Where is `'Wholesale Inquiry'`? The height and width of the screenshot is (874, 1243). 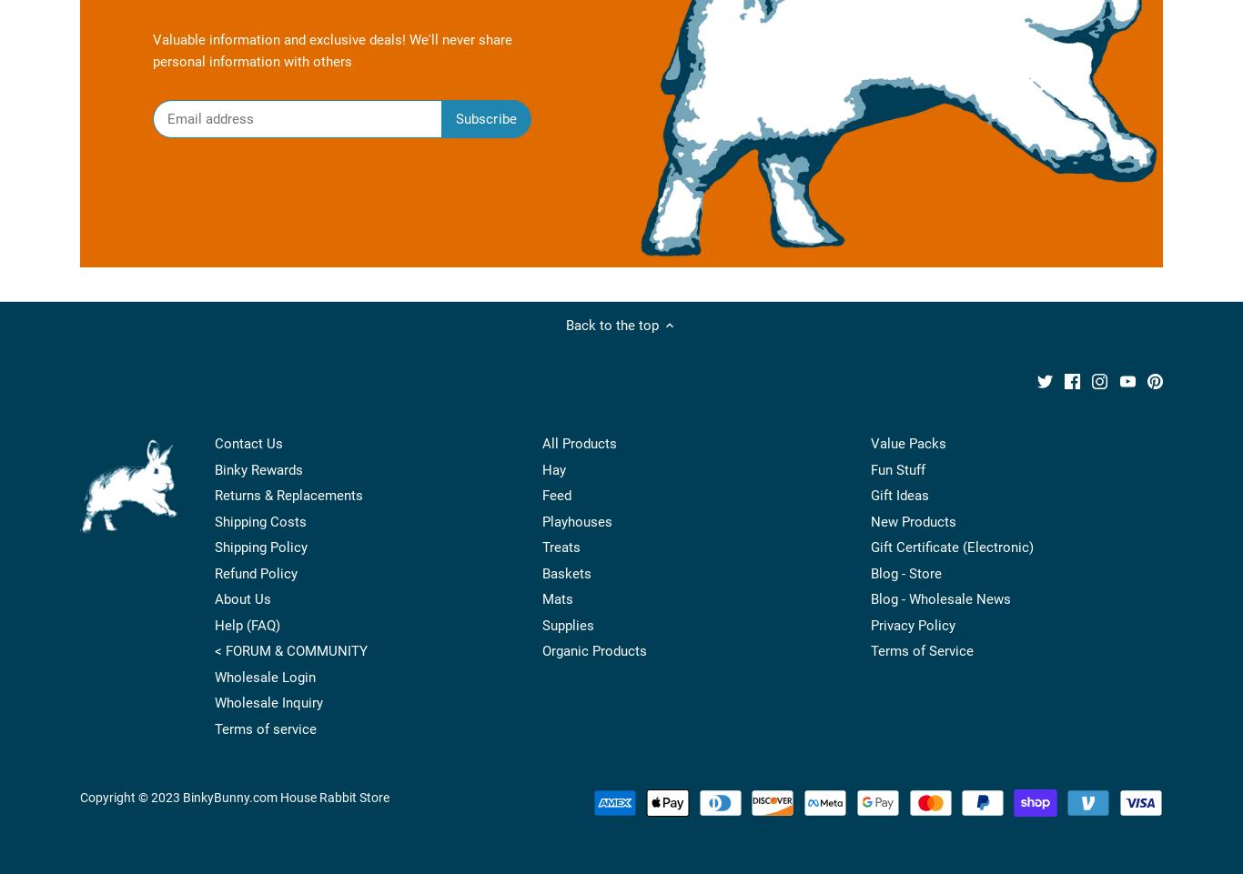
'Wholesale Inquiry' is located at coordinates (268, 702).